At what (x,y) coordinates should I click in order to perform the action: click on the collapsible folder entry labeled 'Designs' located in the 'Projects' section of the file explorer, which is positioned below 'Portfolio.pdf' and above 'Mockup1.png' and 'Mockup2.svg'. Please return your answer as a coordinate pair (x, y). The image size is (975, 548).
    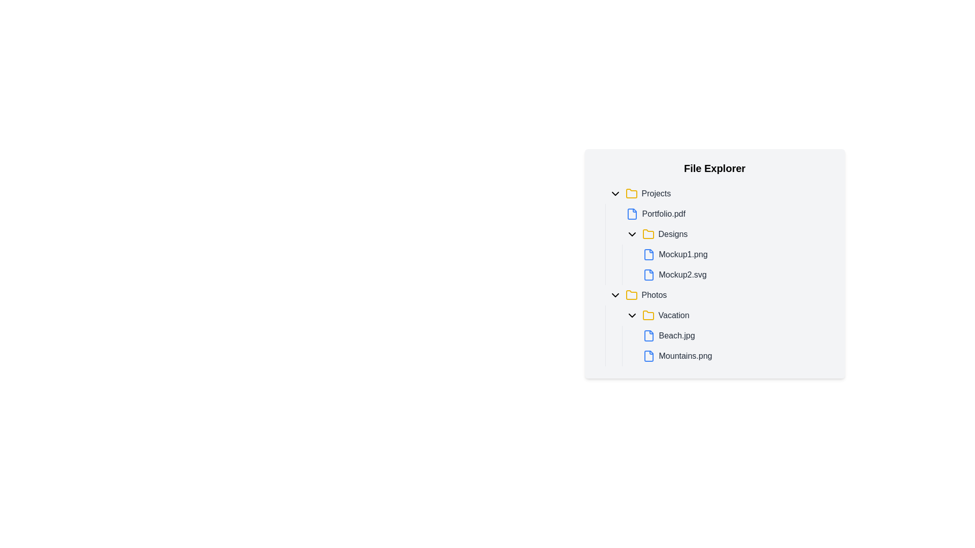
    Looking at the image, I should click on (726, 234).